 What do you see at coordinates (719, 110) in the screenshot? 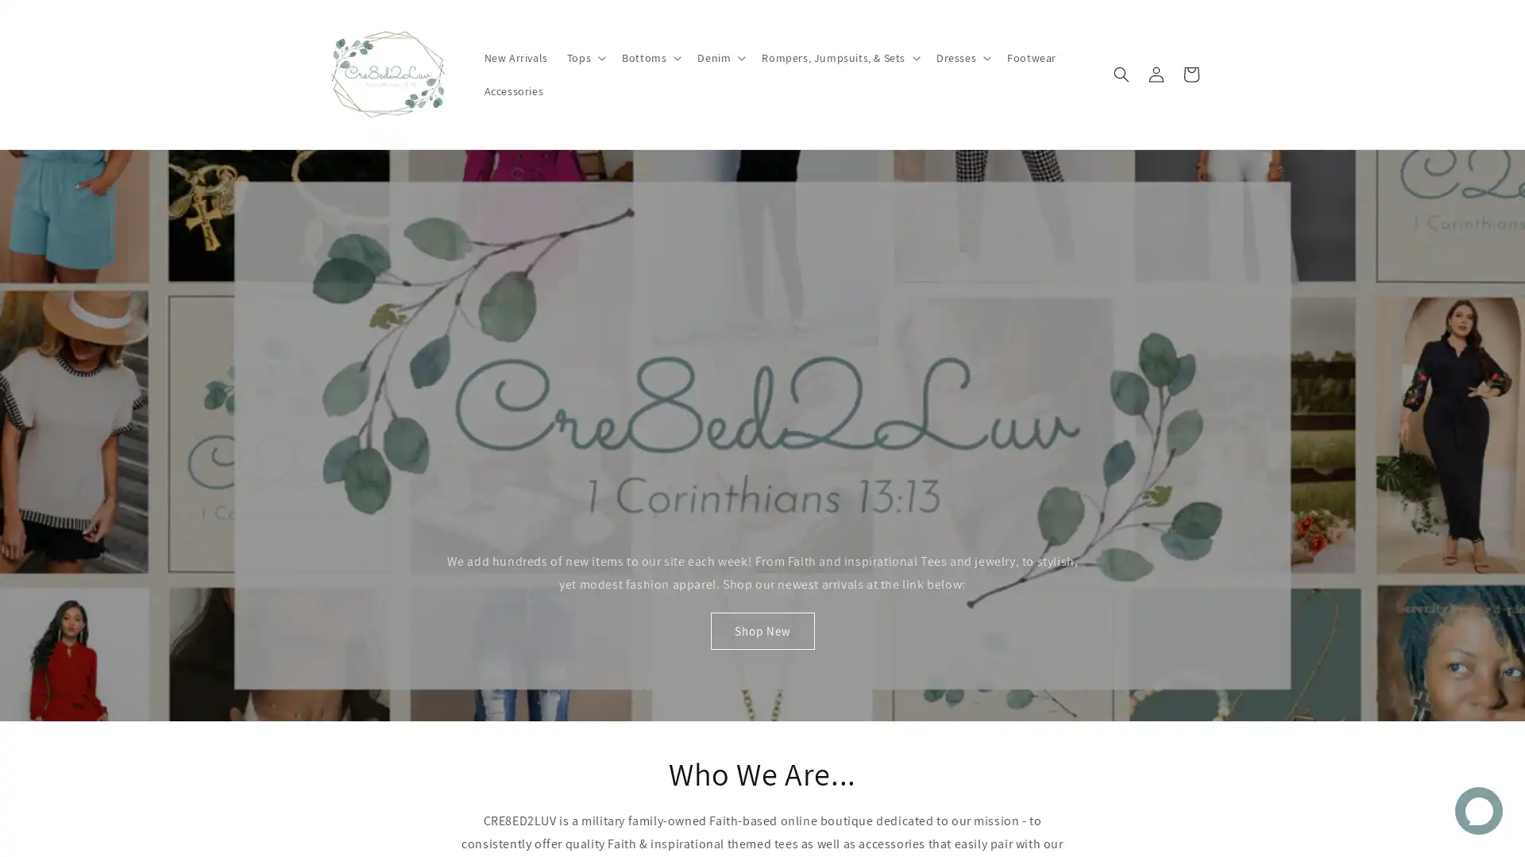
I see `Denim` at bounding box center [719, 110].